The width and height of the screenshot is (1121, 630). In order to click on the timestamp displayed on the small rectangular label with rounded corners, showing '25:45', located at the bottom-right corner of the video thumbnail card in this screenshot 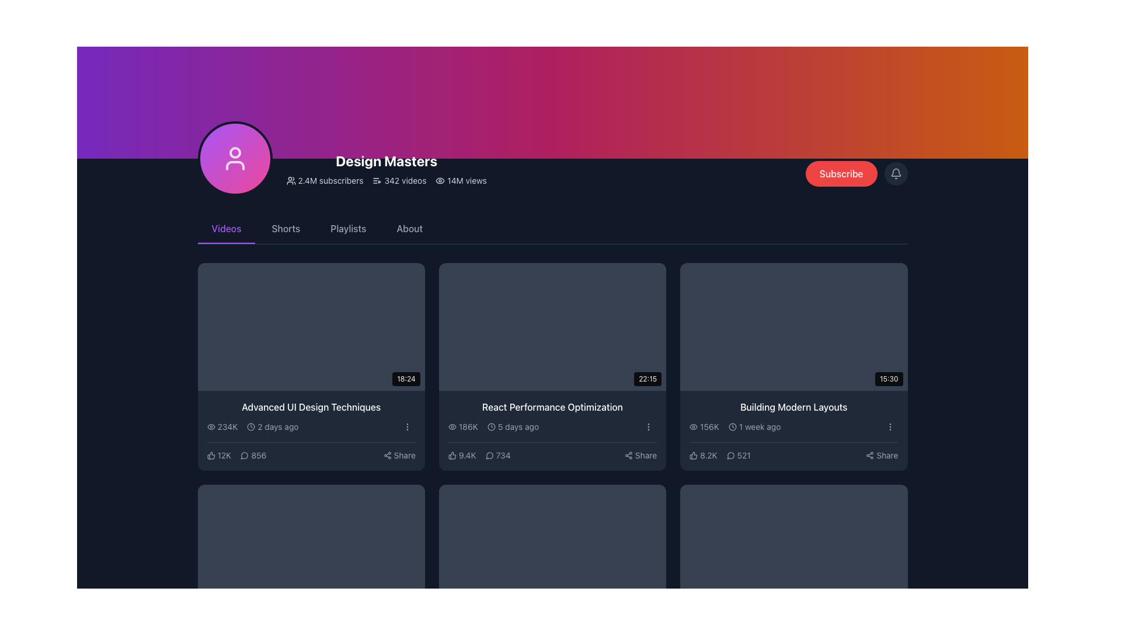, I will do `click(406, 600)`.